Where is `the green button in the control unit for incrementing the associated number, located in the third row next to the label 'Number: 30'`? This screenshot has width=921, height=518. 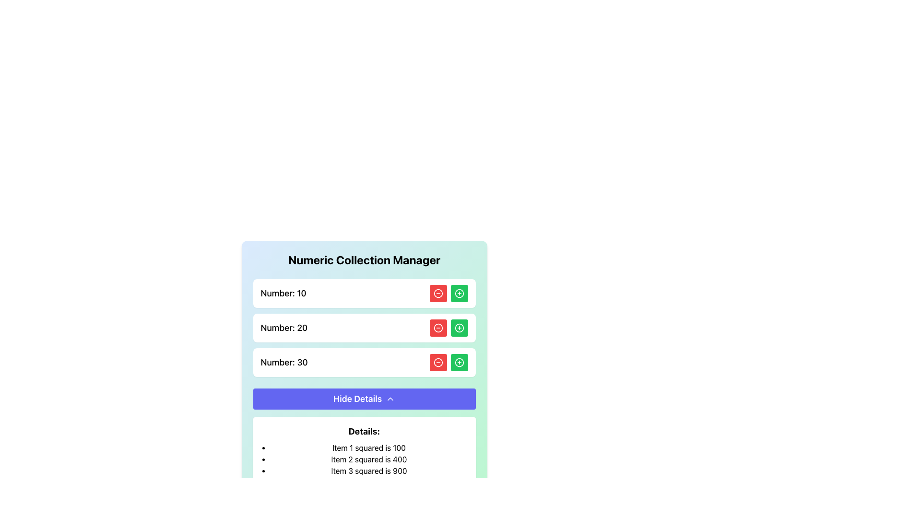 the green button in the control unit for incrementing the associated number, located in the third row next to the label 'Number: 30' is located at coordinates (448, 363).